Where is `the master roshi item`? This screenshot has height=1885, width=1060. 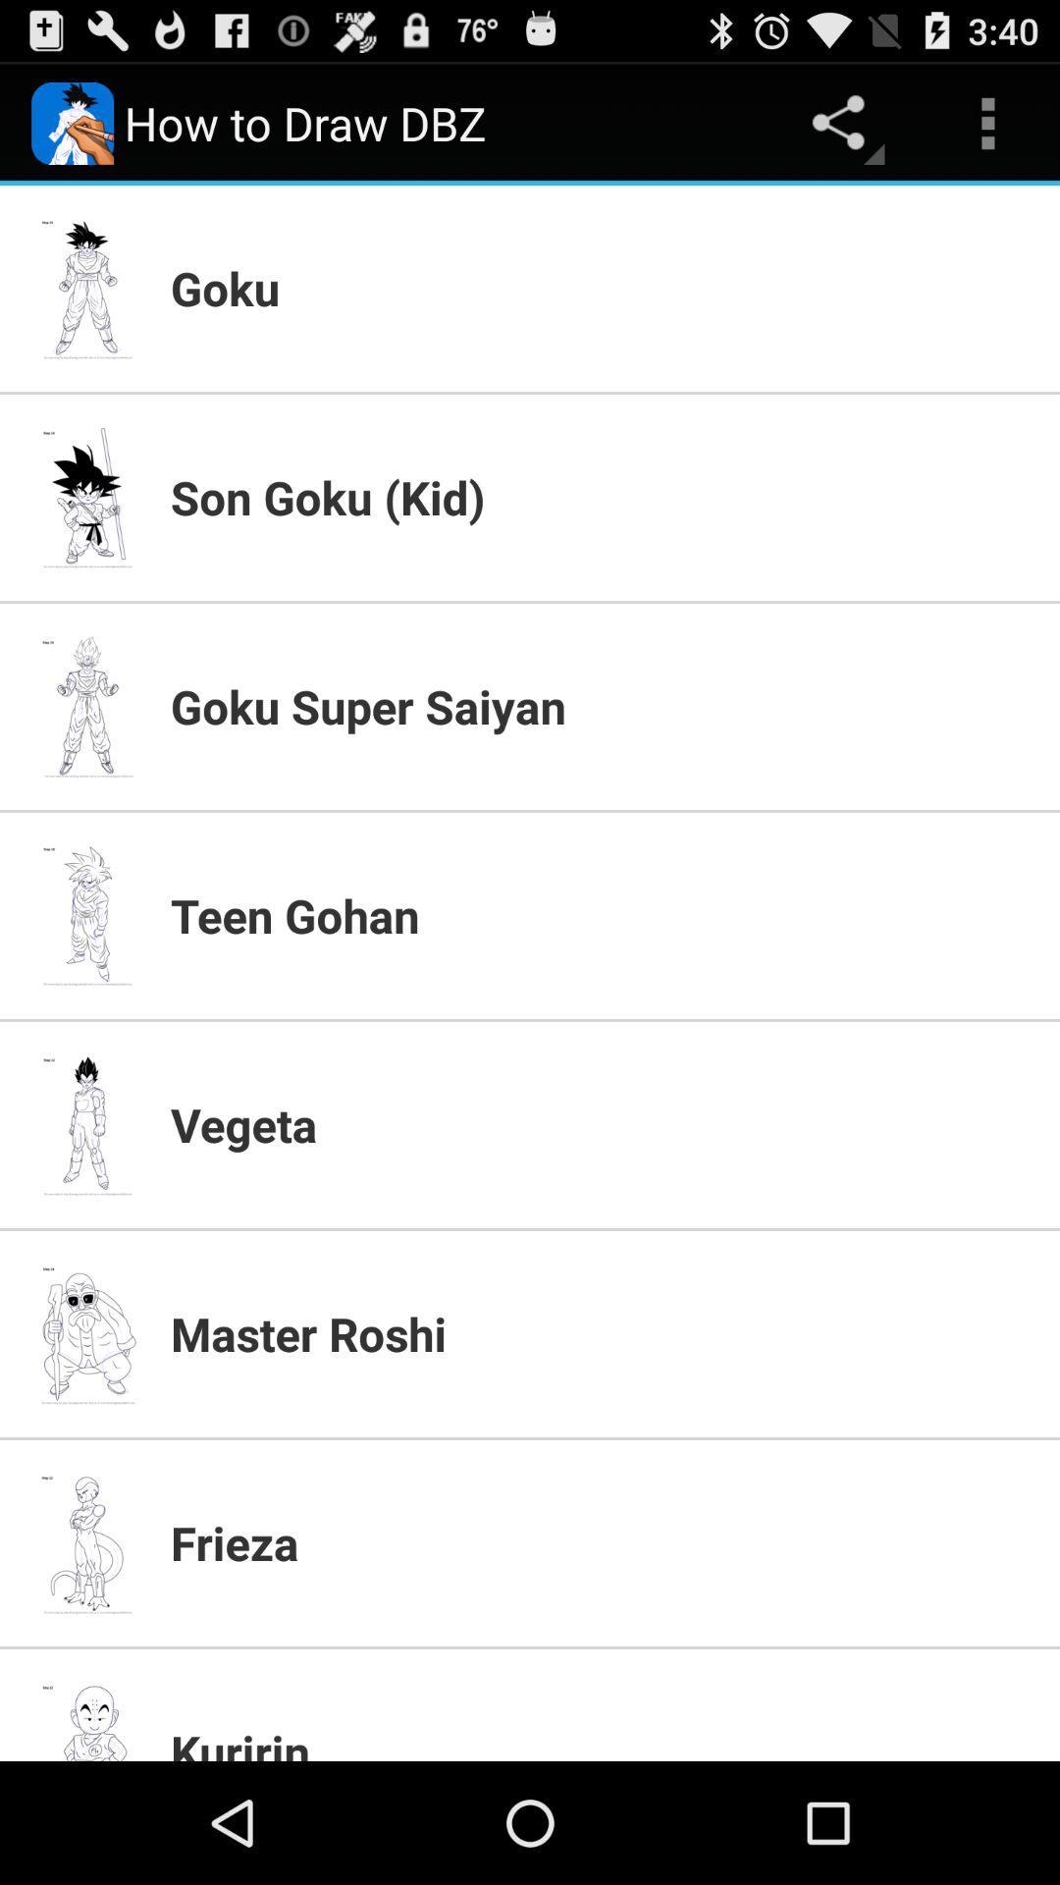
the master roshi item is located at coordinates (602, 1333).